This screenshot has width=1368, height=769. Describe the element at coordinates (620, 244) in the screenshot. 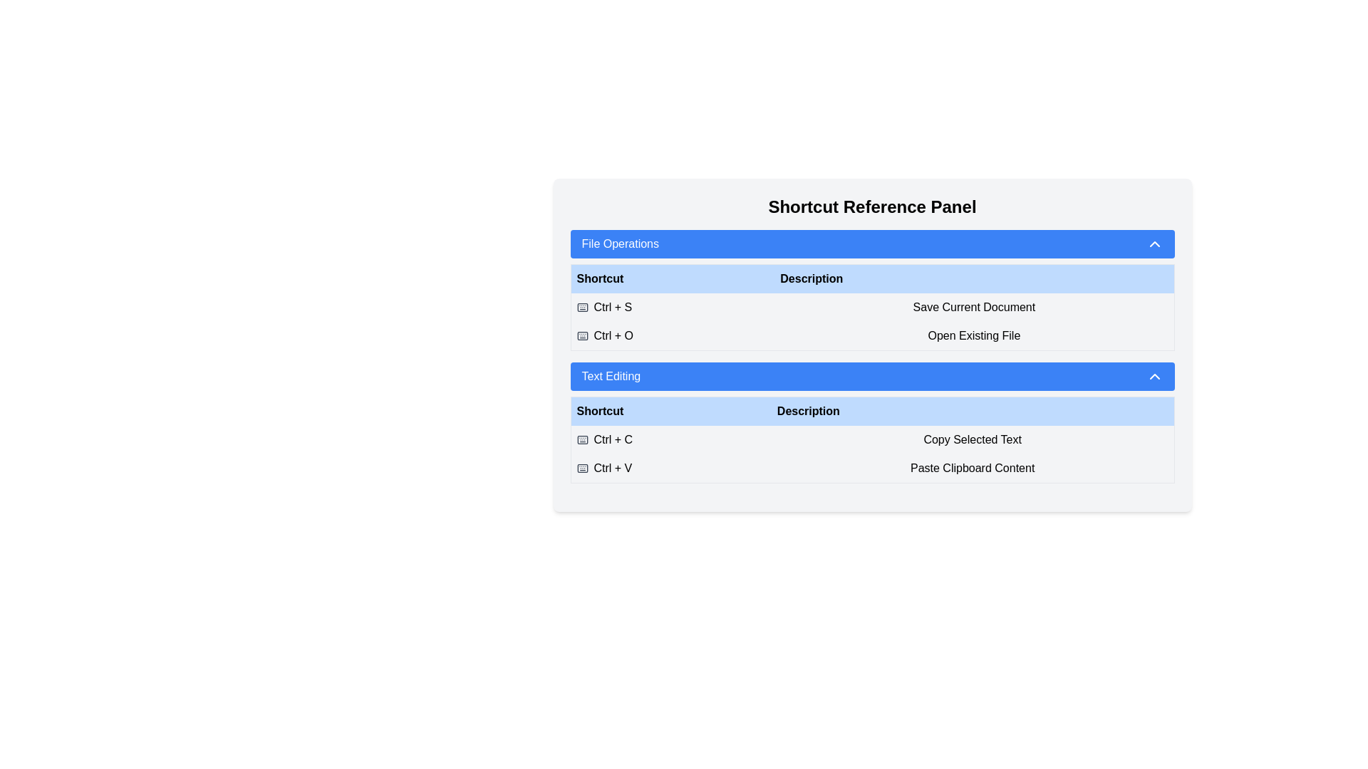

I see `the text label displaying 'File Operations' which is centered within a blue rectangular background in the Shortcut Reference Panel` at that location.